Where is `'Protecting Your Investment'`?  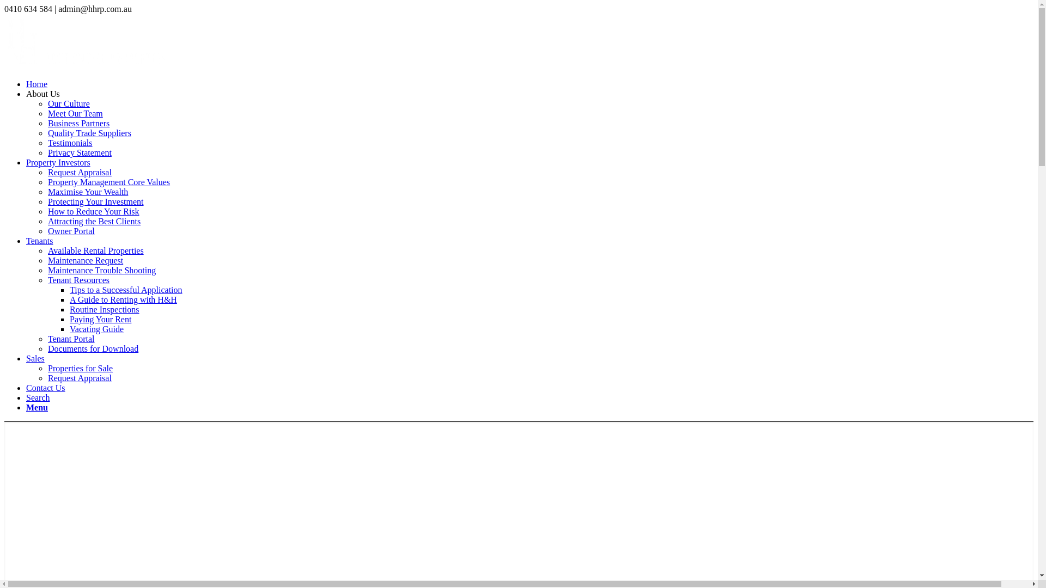
'Protecting Your Investment' is located at coordinates (96, 201).